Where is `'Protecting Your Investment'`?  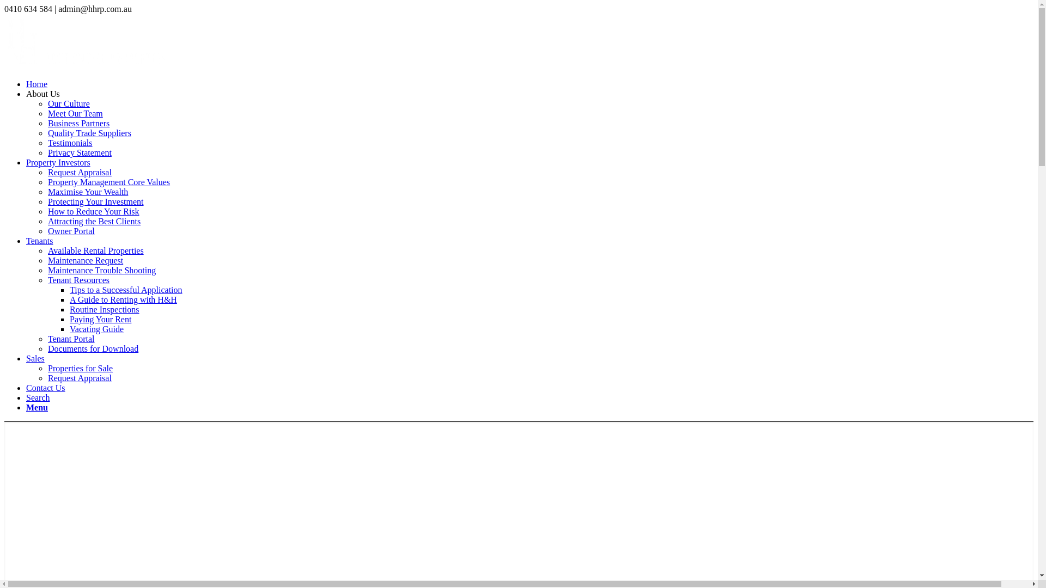
'Protecting Your Investment' is located at coordinates (96, 201).